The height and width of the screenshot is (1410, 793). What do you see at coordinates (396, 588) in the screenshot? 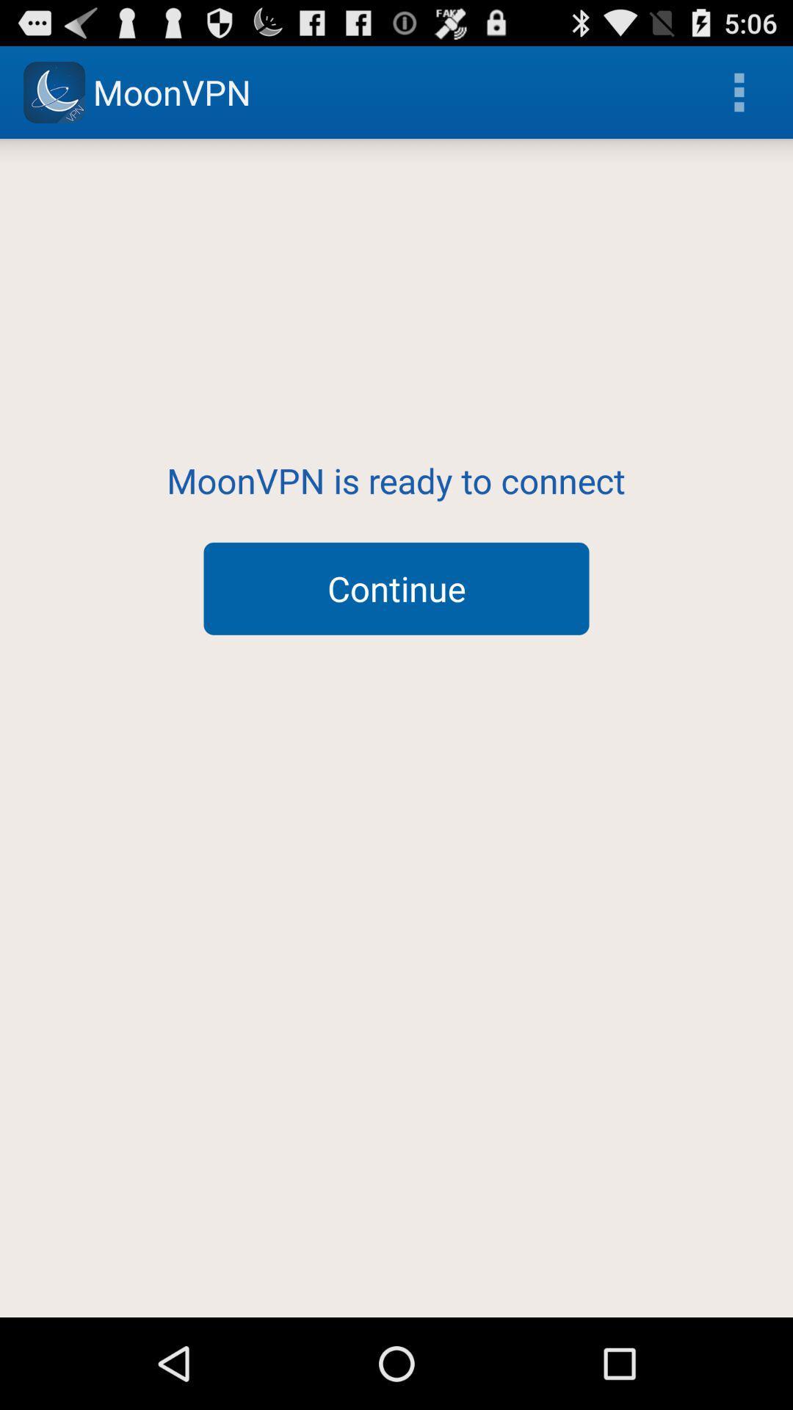
I see `the continue button` at bounding box center [396, 588].